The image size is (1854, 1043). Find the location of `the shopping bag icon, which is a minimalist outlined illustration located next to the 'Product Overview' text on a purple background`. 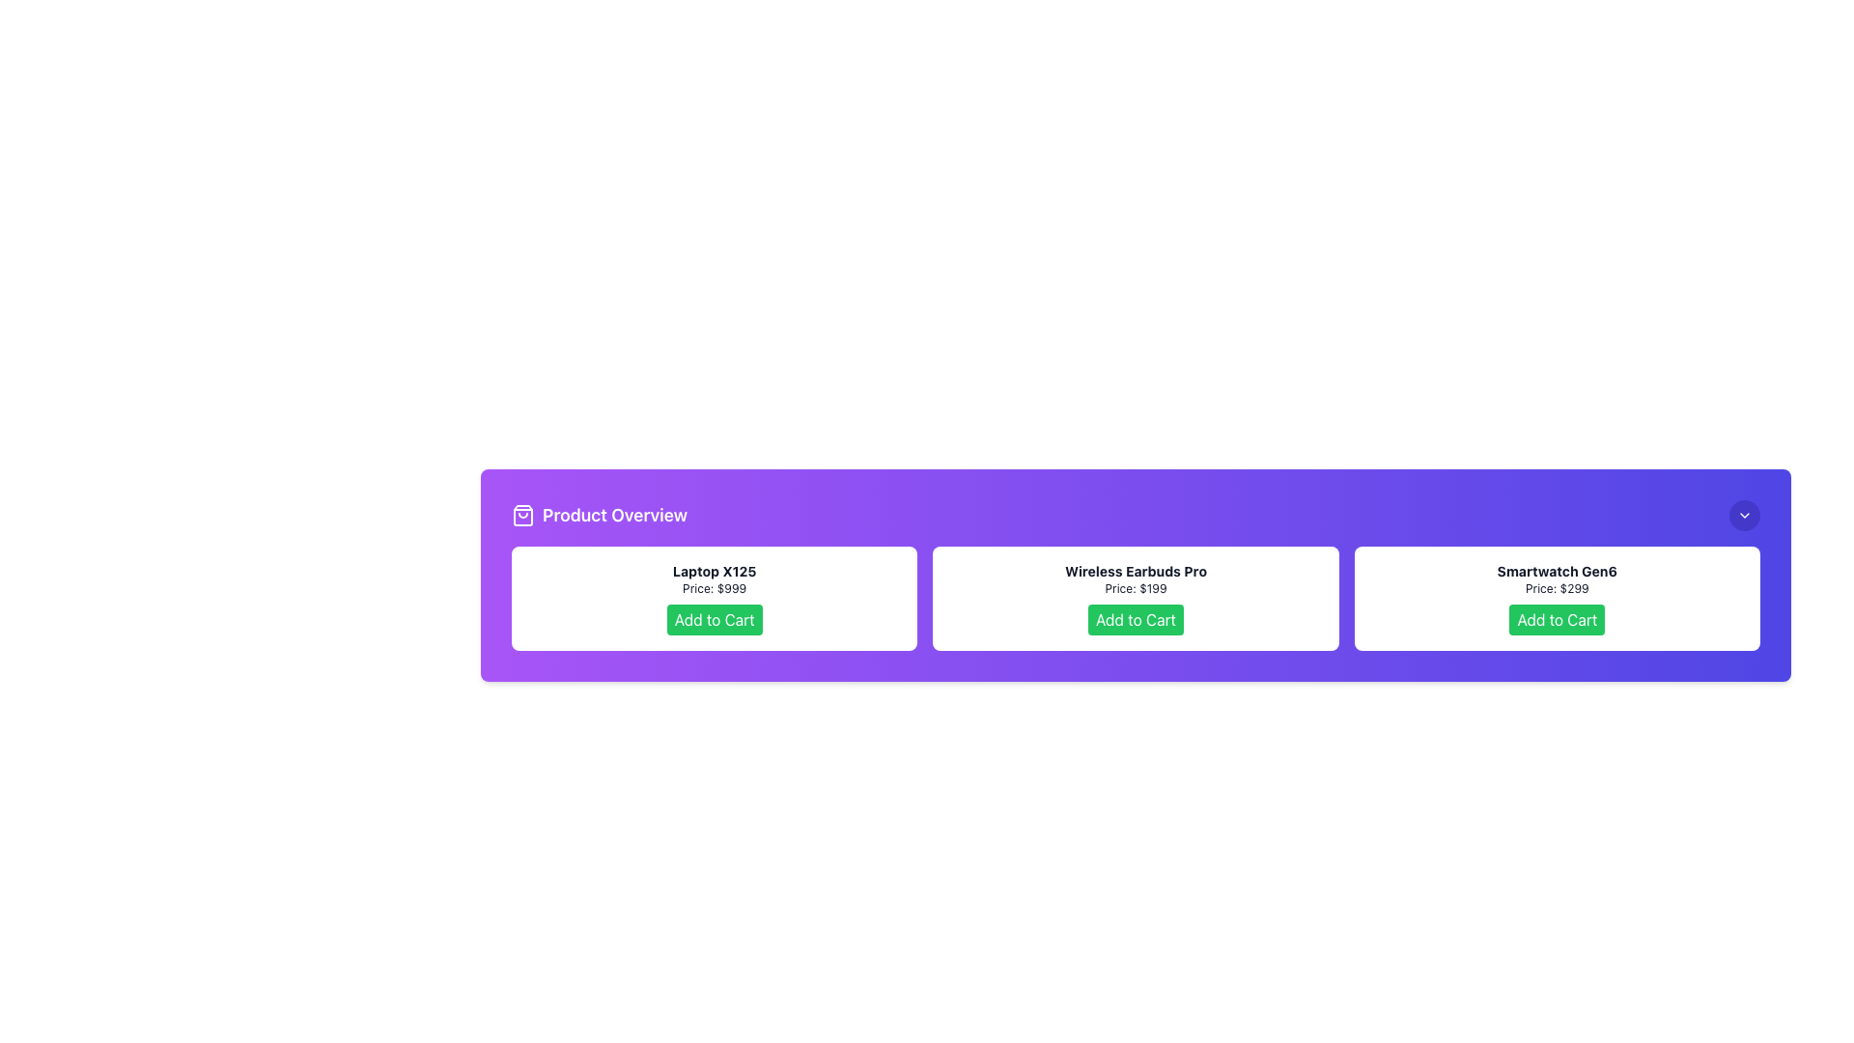

the shopping bag icon, which is a minimalist outlined illustration located next to the 'Product Overview' text on a purple background is located at coordinates (523, 514).